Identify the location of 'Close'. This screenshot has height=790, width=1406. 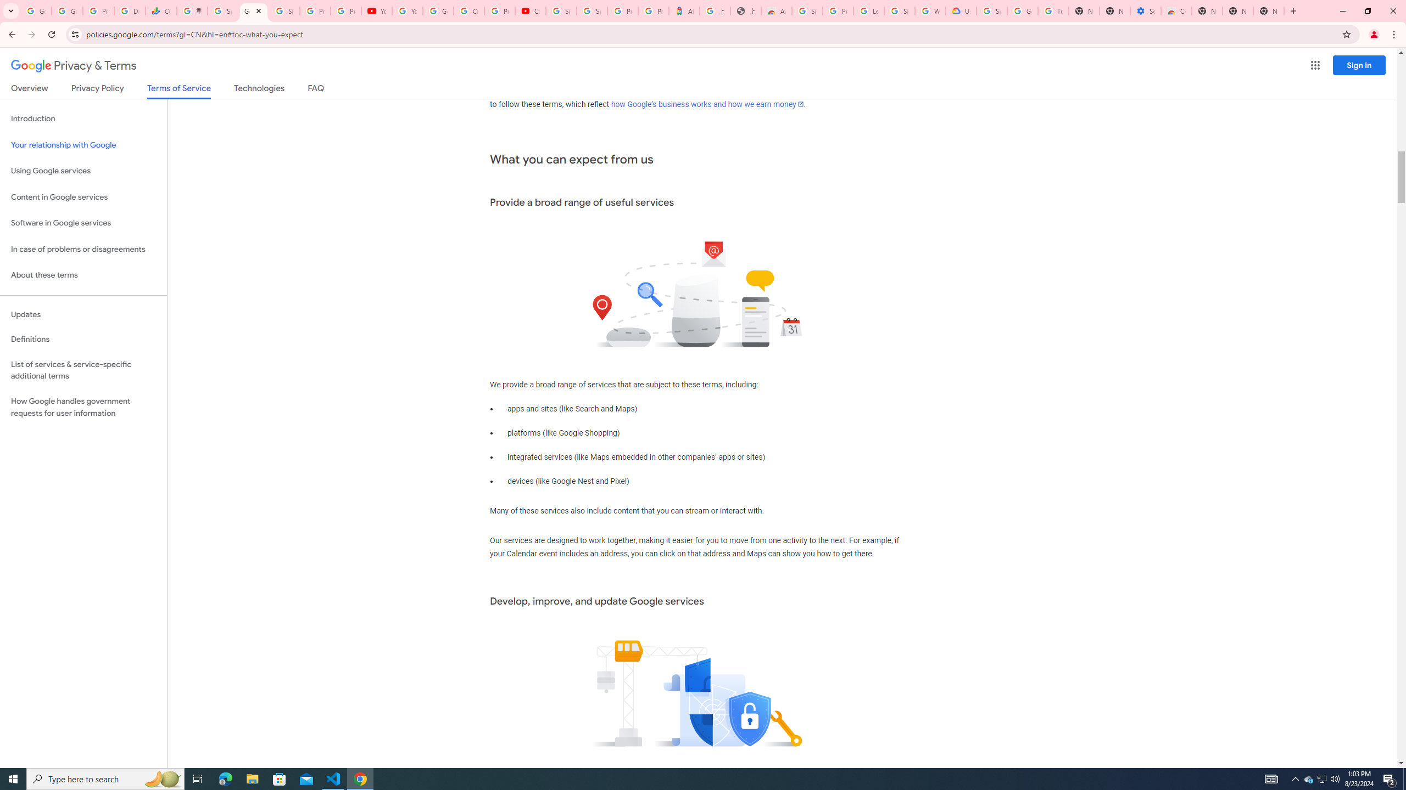
(258, 10).